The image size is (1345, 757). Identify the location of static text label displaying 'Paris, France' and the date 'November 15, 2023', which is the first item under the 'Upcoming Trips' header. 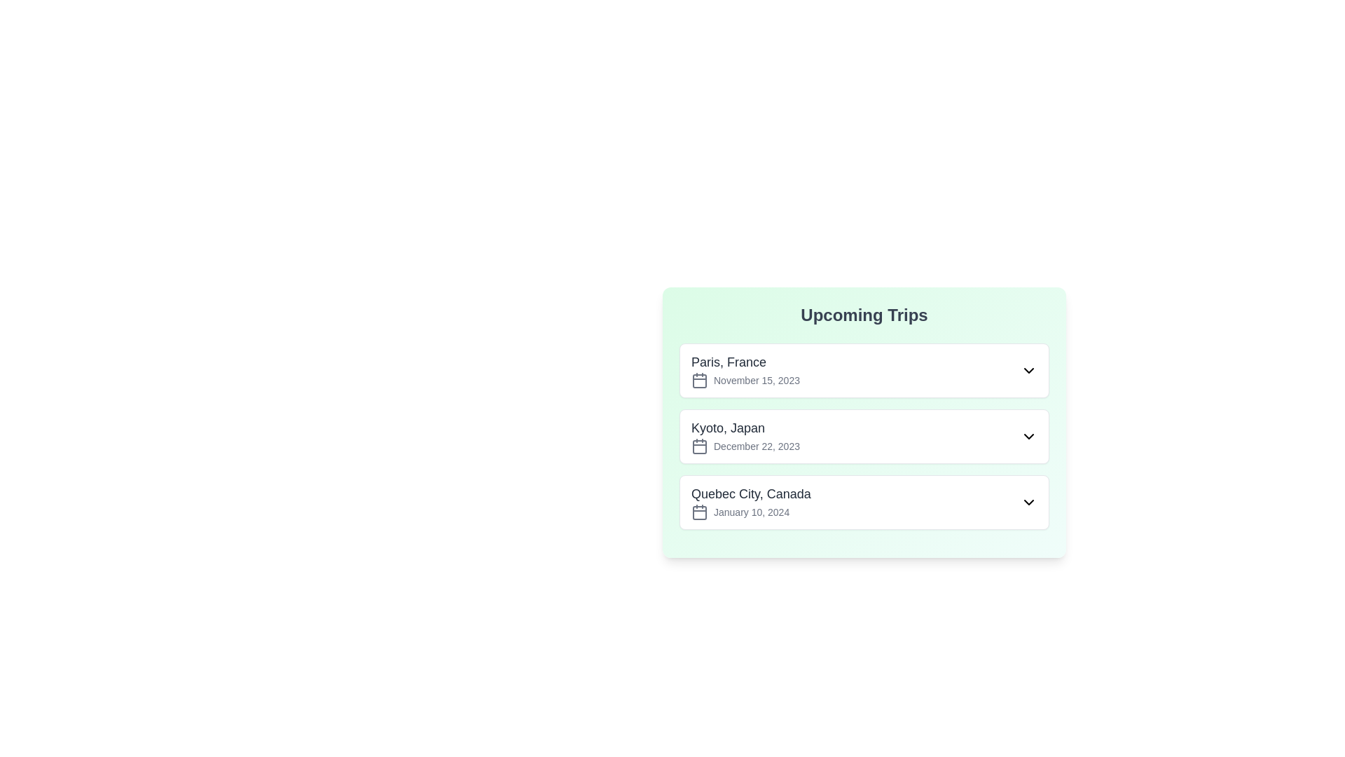
(745, 369).